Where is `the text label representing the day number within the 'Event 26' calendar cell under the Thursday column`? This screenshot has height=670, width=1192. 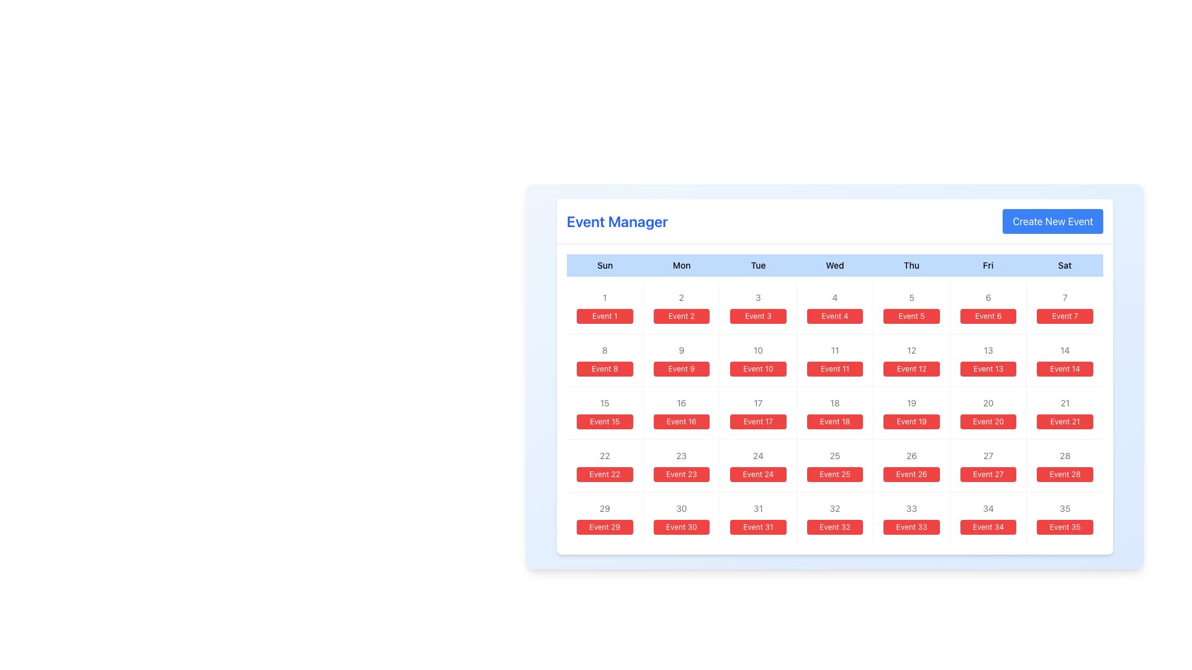
the text label representing the day number within the 'Event 26' calendar cell under the Thursday column is located at coordinates (911, 456).